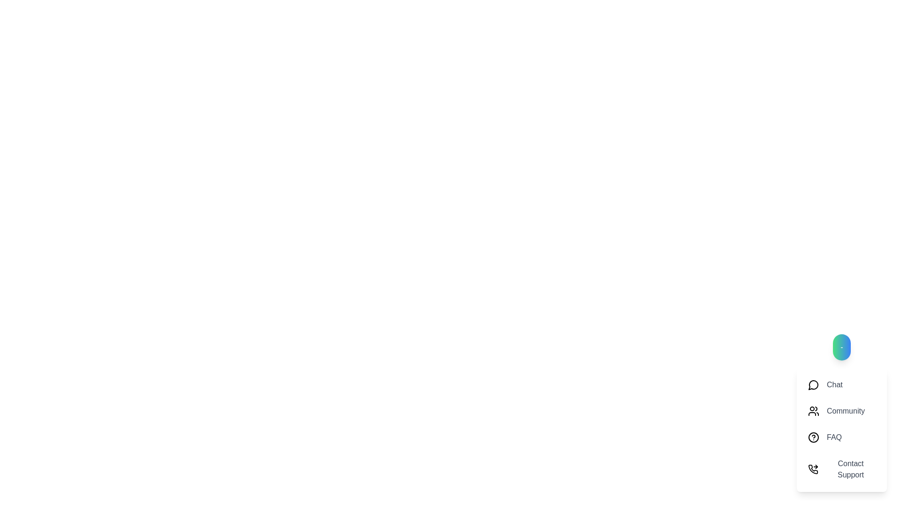  Describe the element at coordinates (834, 385) in the screenshot. I see `'Chat' text label, which is the first label in a vertical list of options, aiding in navigation or interaction` at that location.